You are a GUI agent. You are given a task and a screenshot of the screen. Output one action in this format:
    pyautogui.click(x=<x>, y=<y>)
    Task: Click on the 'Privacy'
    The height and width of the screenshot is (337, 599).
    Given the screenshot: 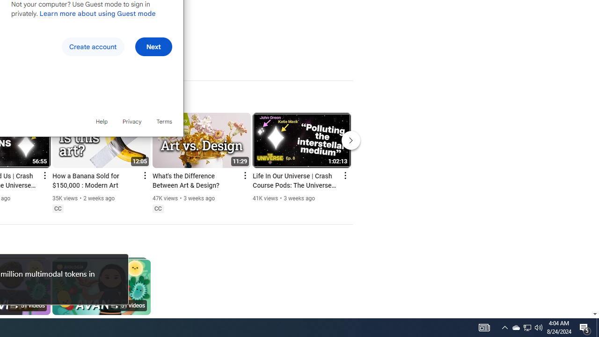 What is the action you would take?
    pyautogui.click(x=131, y=121)
    